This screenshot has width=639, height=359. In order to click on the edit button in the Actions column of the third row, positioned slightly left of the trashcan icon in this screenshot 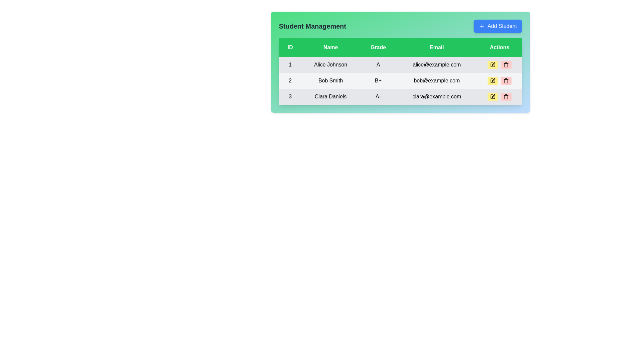, I will do `click(493, 96)`.